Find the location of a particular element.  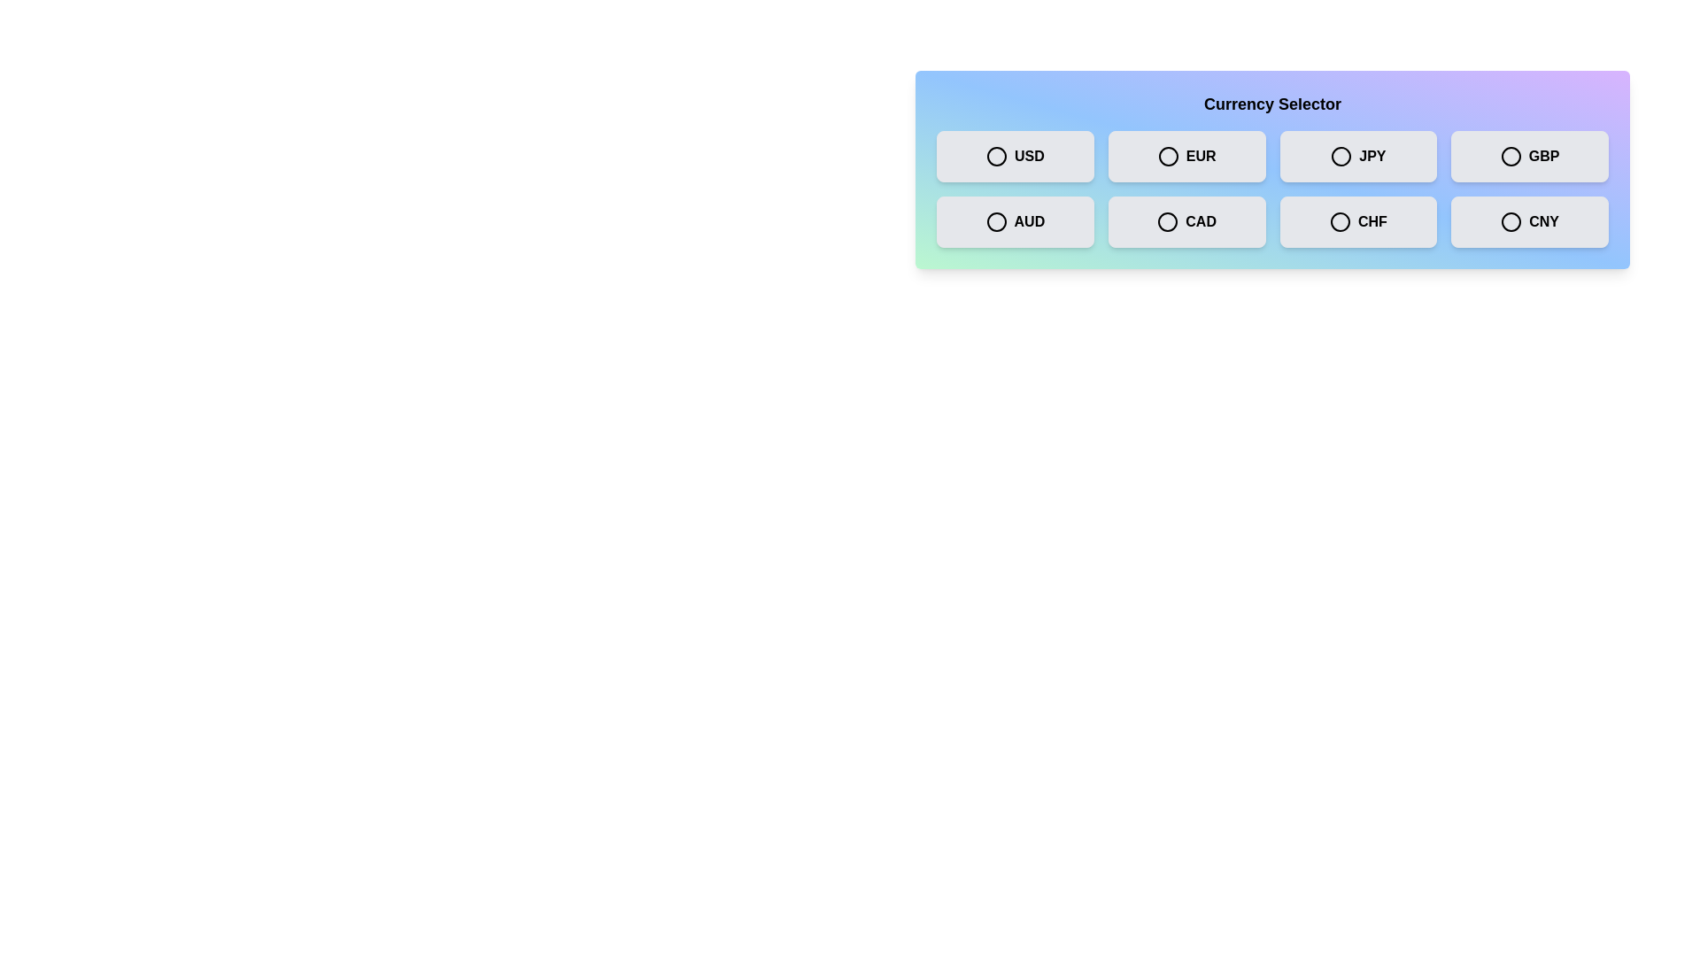

the currency box labeled CHF to observe the hover effect is located at coordinates (1357, 220).